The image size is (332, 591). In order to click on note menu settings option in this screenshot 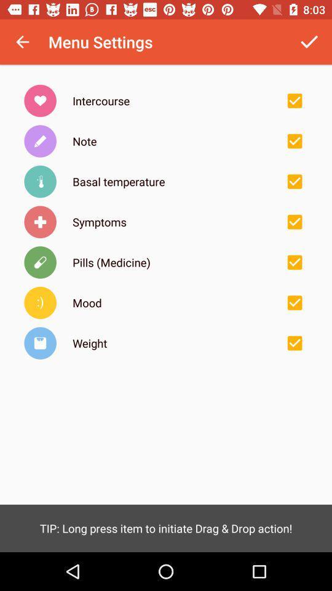, I will do `click(294, 141)`.